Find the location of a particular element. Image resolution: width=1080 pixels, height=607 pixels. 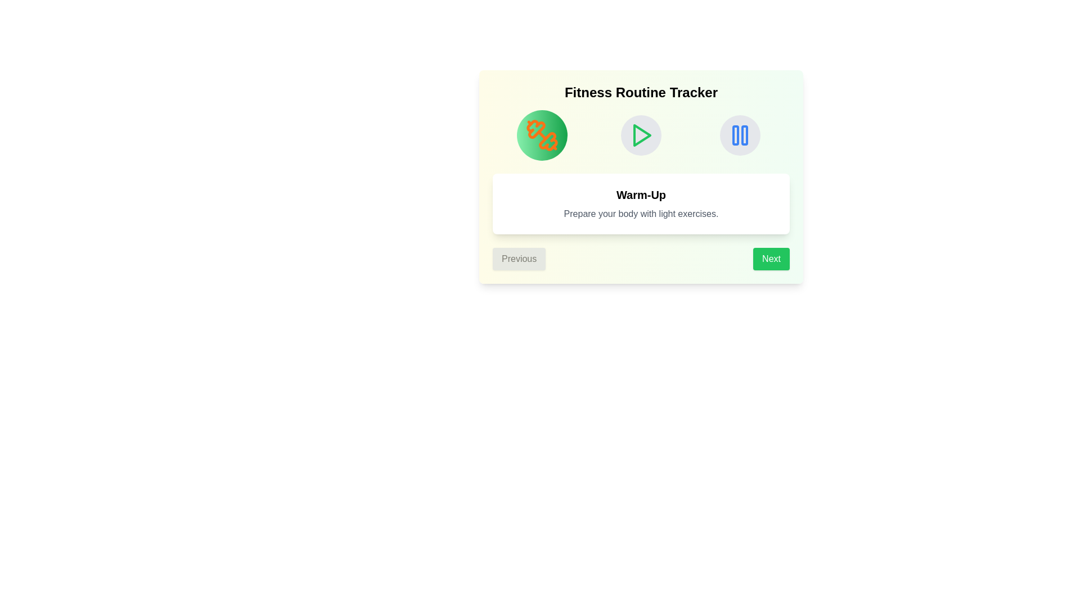

the icon representing the Warm-Up step is located at coordinates (542, 134).